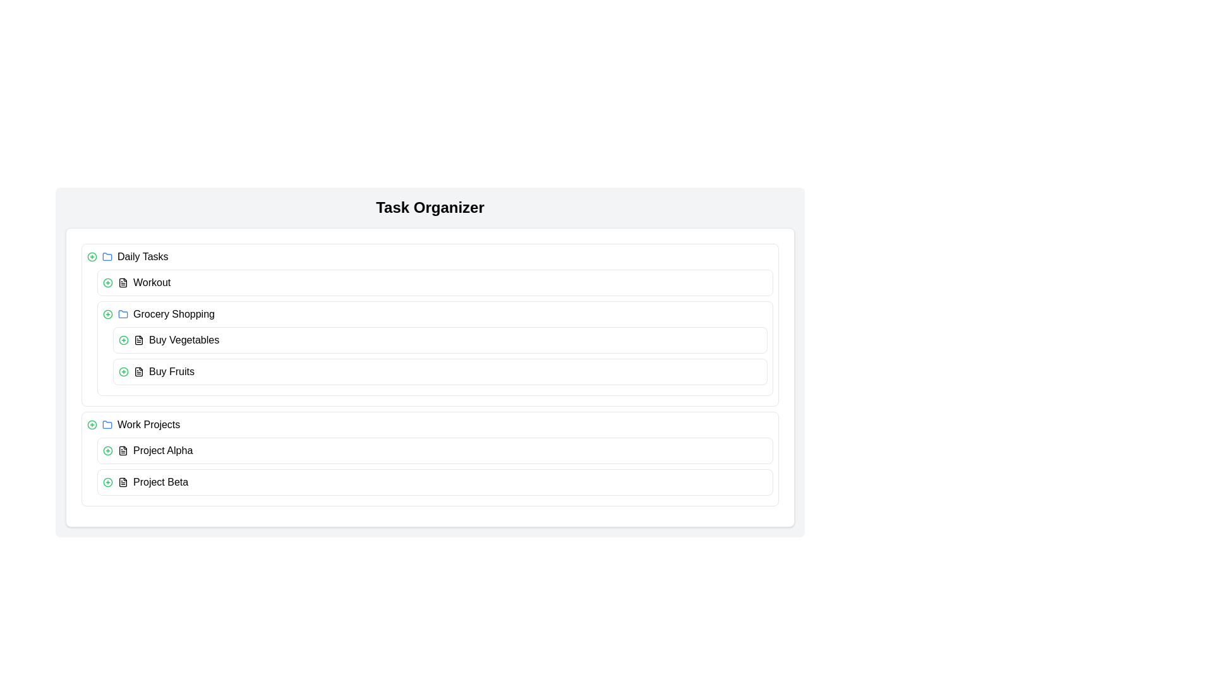 The height and width of the screenshot is (682, 1213). I want to click on the small circular button with a green border and a green plus symbol located to the left of the text 'Work Projects', so click(91, 424).